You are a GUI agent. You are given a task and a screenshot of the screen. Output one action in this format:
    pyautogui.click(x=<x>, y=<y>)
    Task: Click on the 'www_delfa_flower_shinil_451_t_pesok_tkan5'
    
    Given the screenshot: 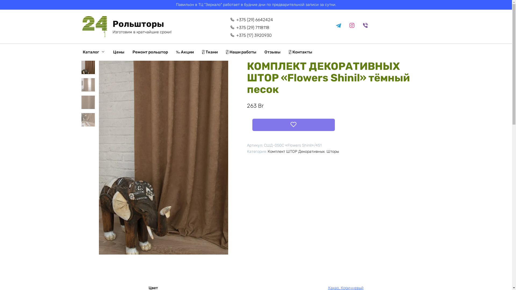 What is the action you would take?
    pyautogui.click(x=163, y=157)
    